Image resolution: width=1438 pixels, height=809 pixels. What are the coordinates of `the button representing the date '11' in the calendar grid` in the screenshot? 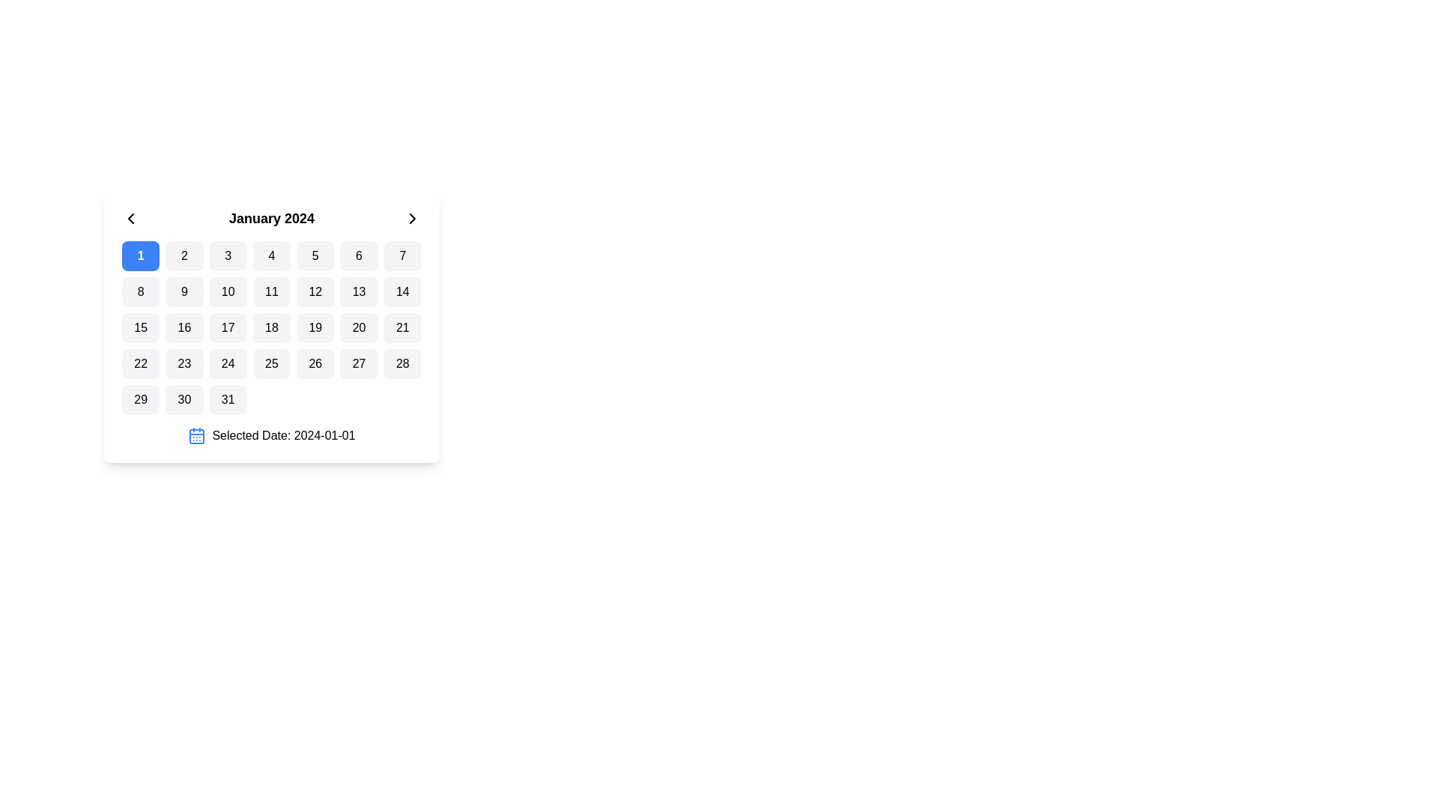 It's located at (272, 291).